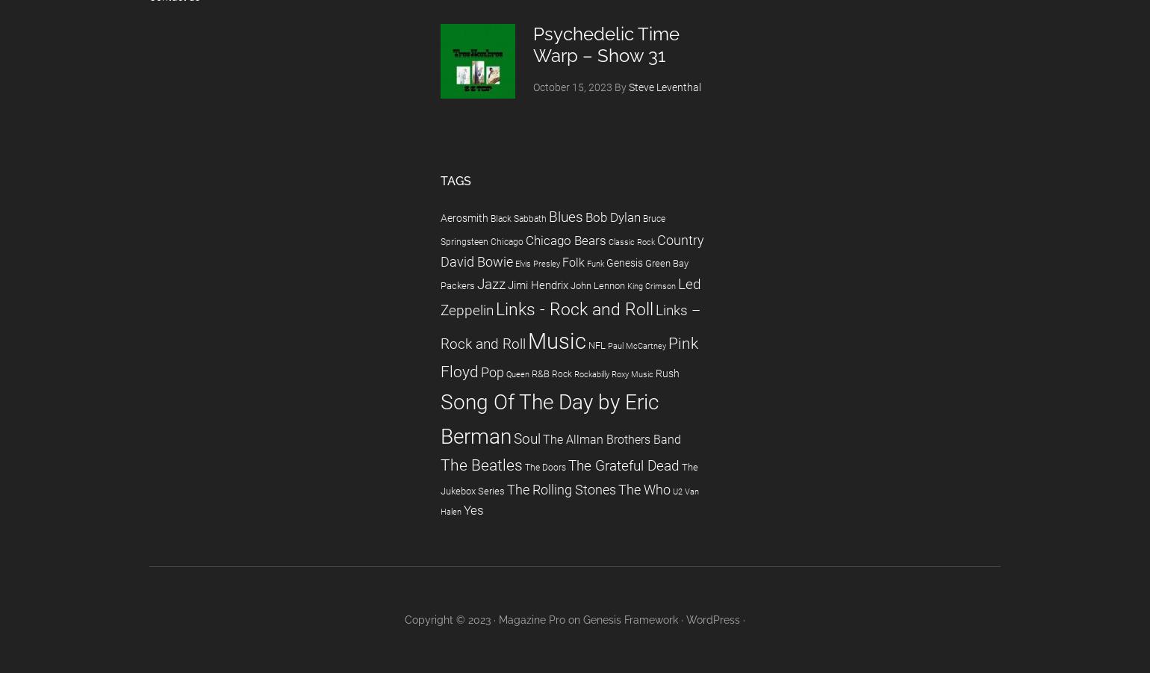 This screenshot has width=1150, height=673. Describe the element at coordinates (565, 240) in the screenshot. I see `'Chicago Bears'` at that location.